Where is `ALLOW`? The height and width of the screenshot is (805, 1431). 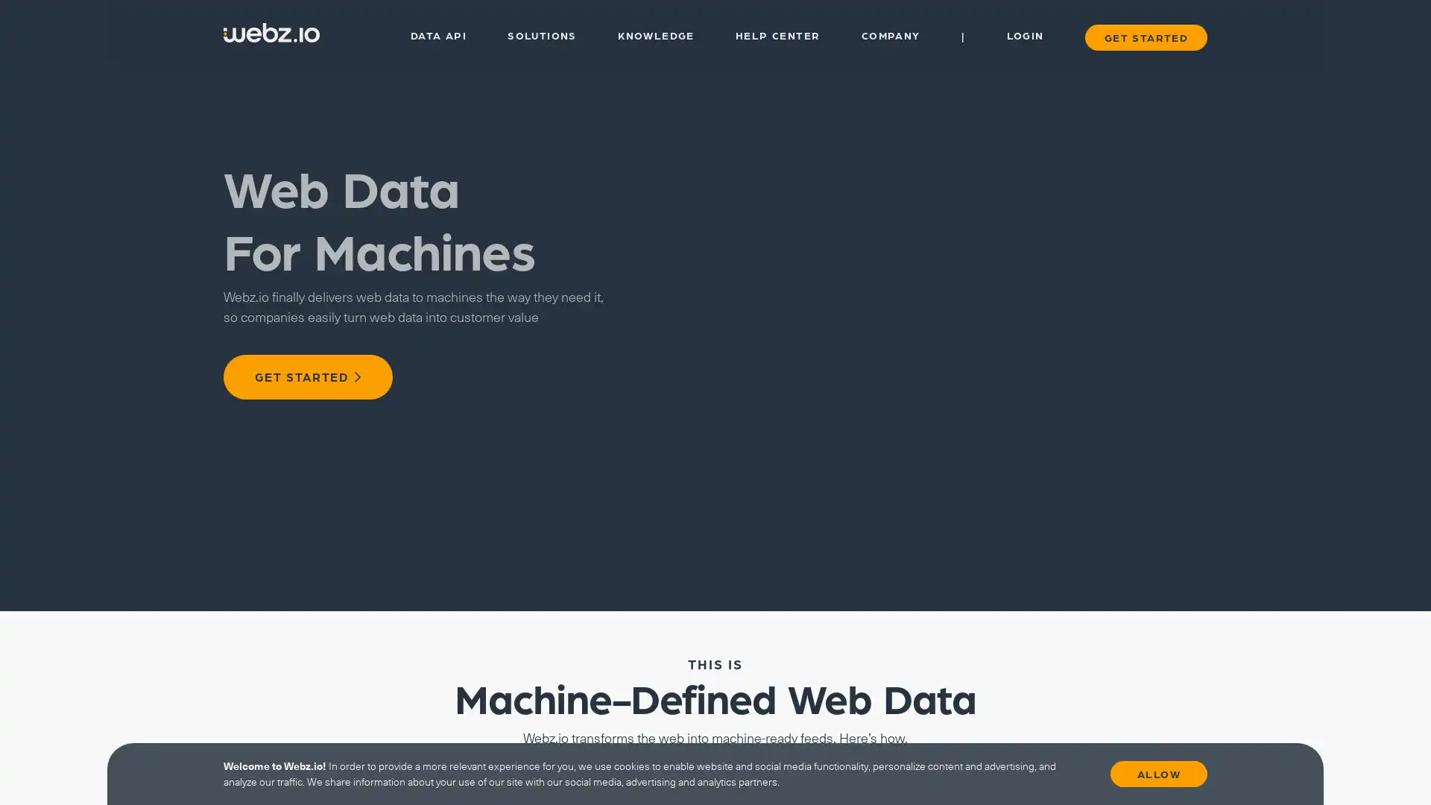
ALLOW is located at coordinates (1158, 773).